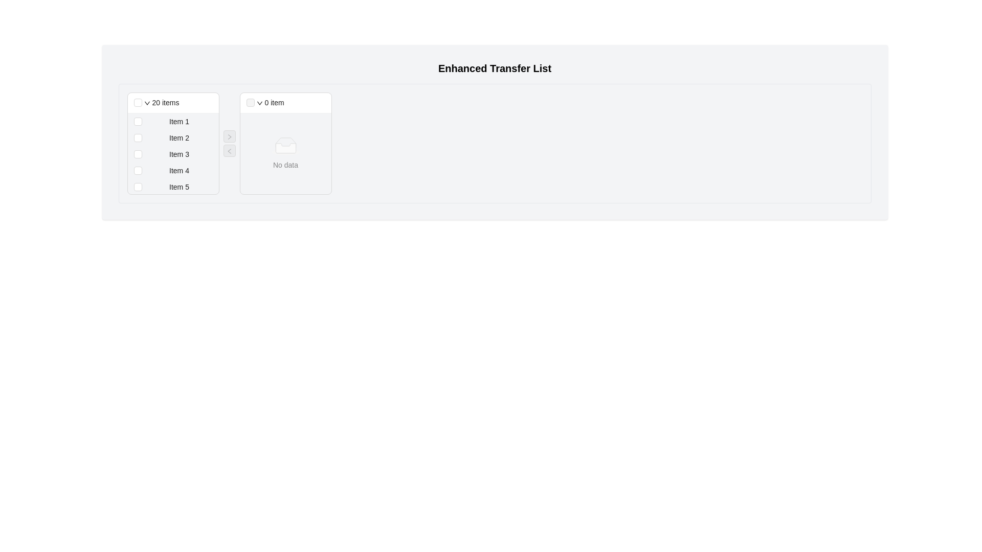 The height and width of the screenshot is (552, 982). What do you see at coordinates (173, 170) in the screenshot?
I see `the text of the fourth list item with a checkbox labeled 'Item 4'` at bounding box center [173, 170].